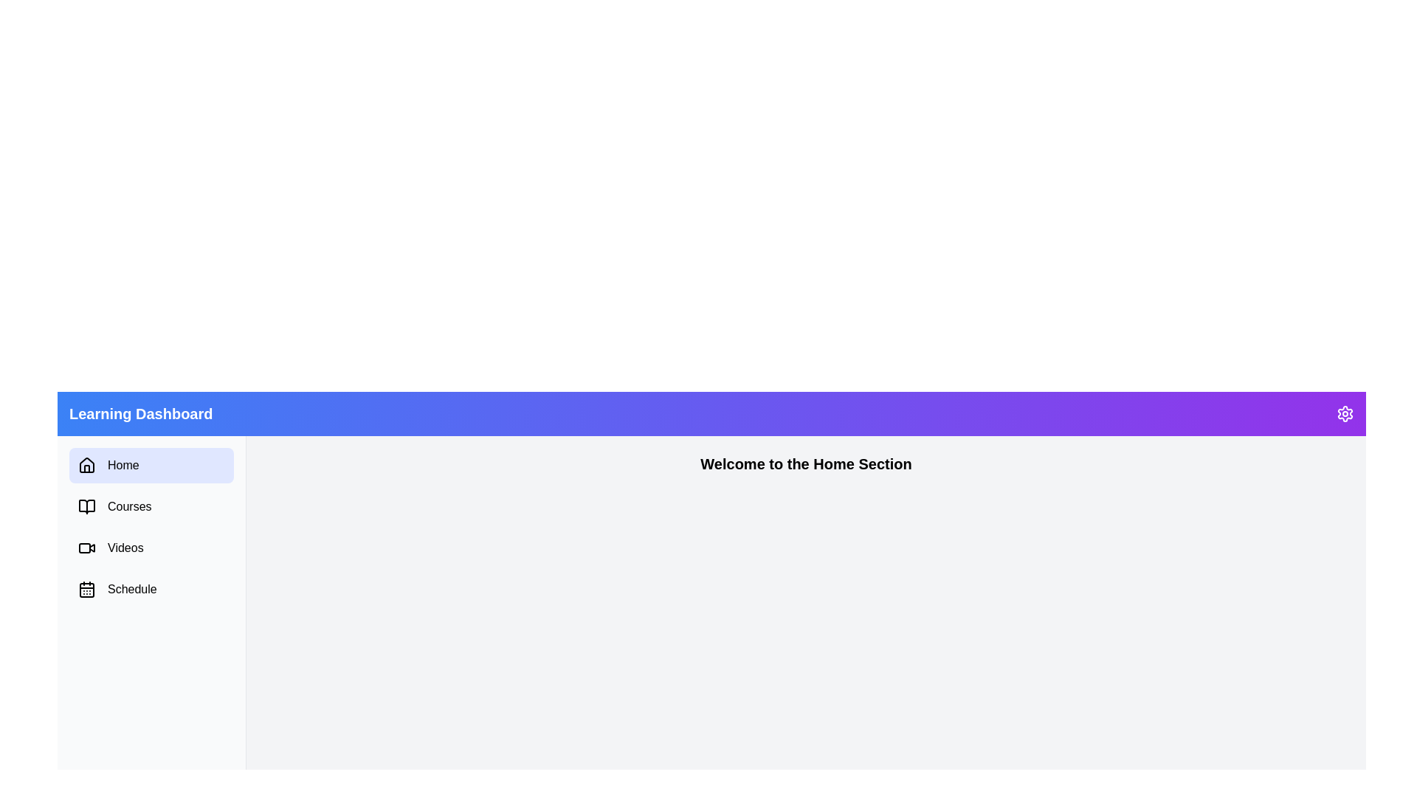  I want to click on the open book icon associated with the 'Courses' menu item in the side navigation panel, so click(86, 506).